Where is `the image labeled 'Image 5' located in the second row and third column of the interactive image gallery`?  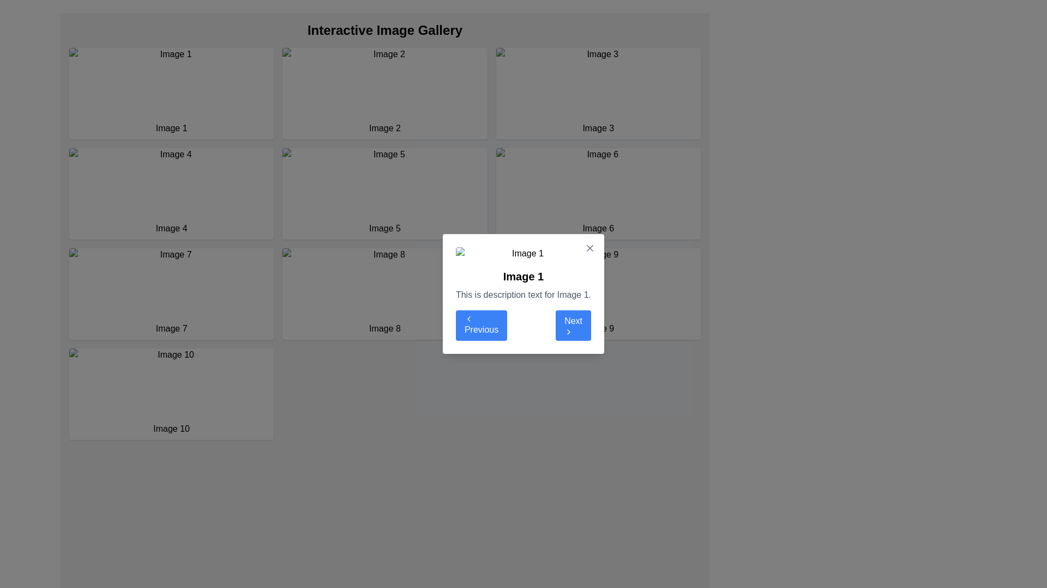
the image labeled 'Image 5' located in the second row and third column of the interactive image gallery is located at coordinates (384, 182).